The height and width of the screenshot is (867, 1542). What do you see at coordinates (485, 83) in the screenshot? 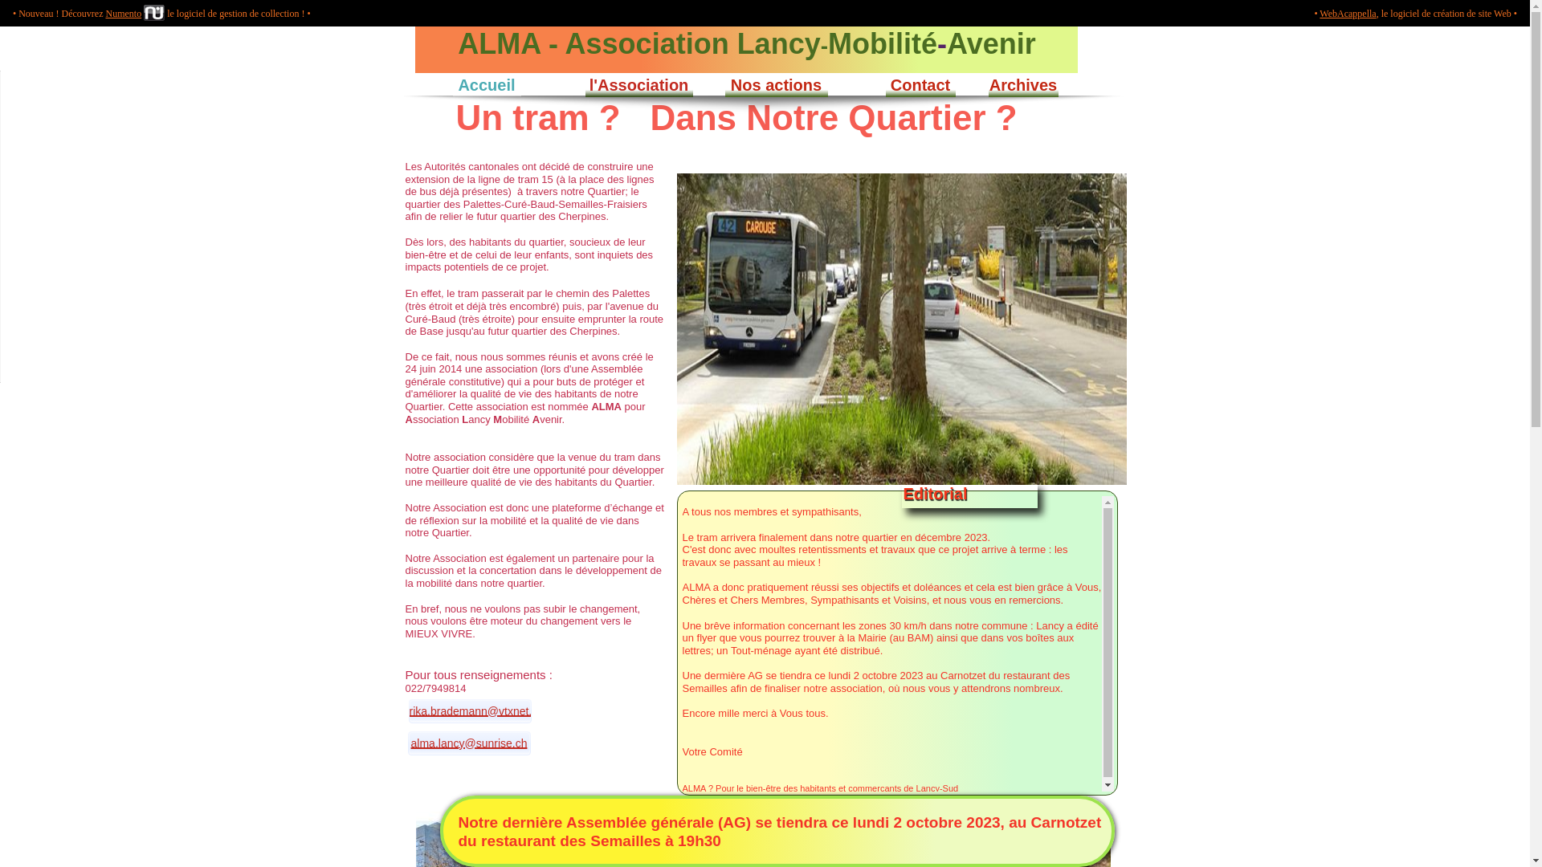
I see `'Accueil'` at bounding box center [485, 83].